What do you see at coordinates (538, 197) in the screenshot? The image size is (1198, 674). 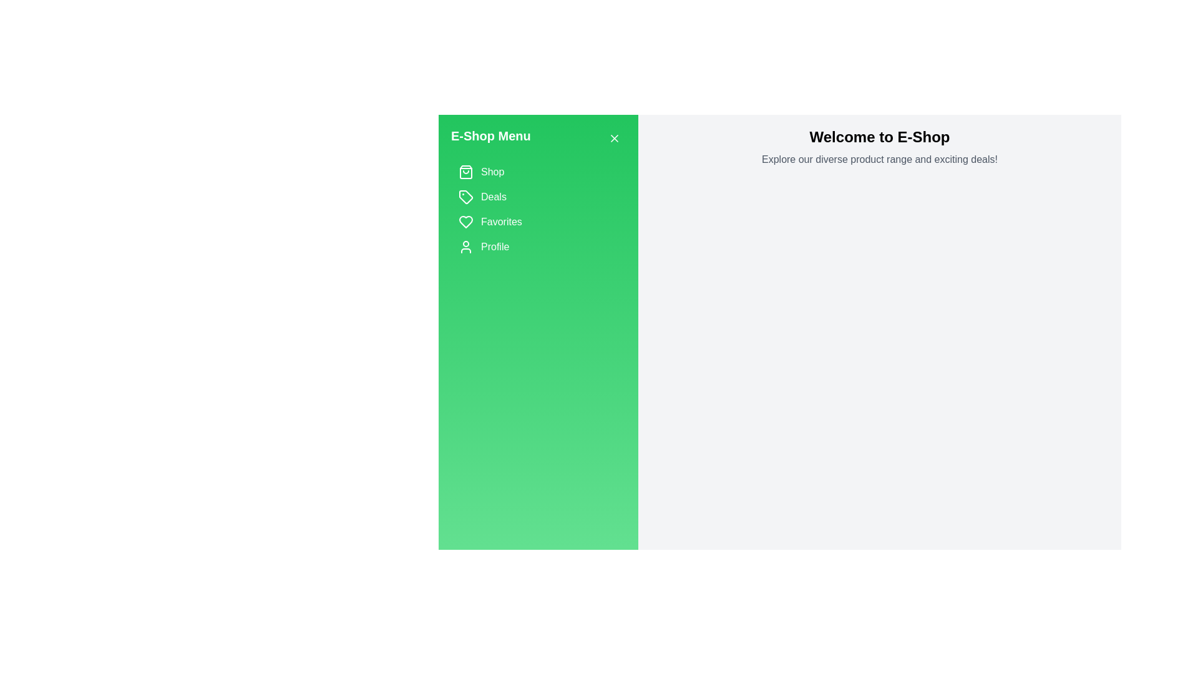 I see `the category item labeled Deals to highlight it` at bounding box center [538, 197].